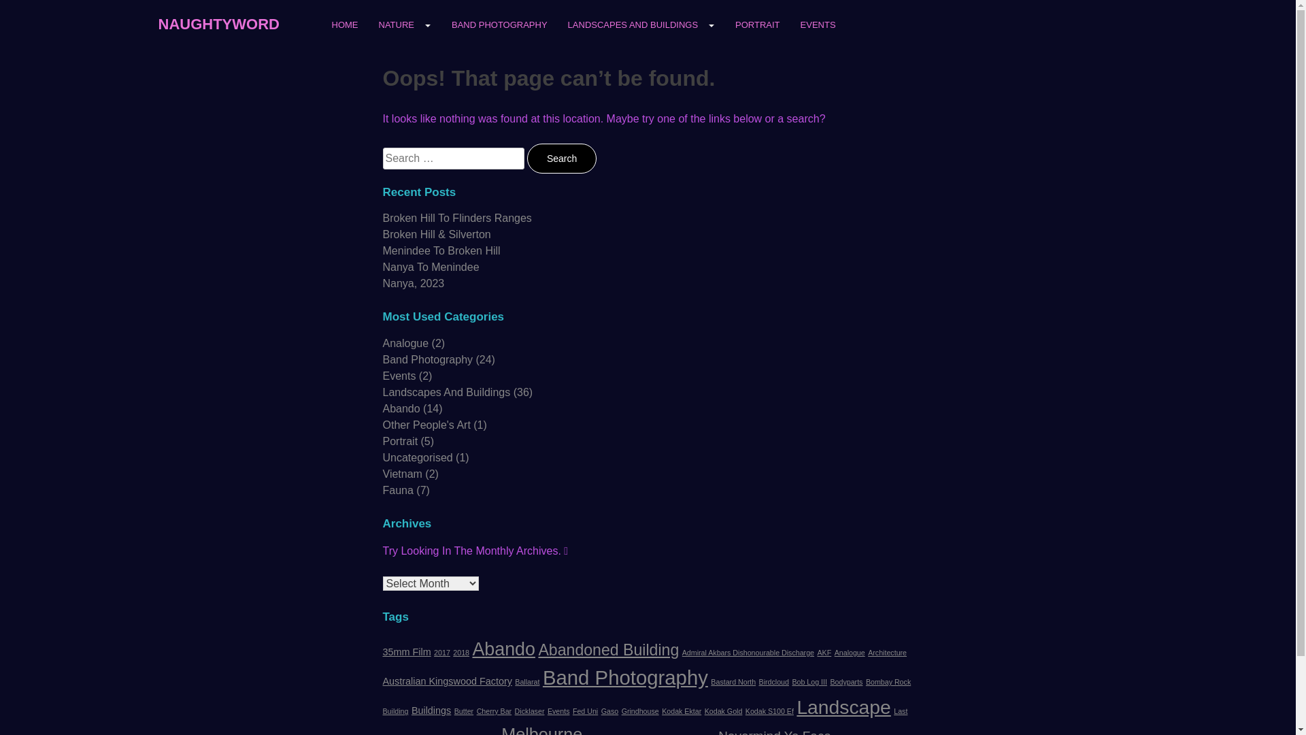  What do you see at coordinates (369, 24) in the screenshot?
I see `'NATURE'` at bounding box center [369, 24].